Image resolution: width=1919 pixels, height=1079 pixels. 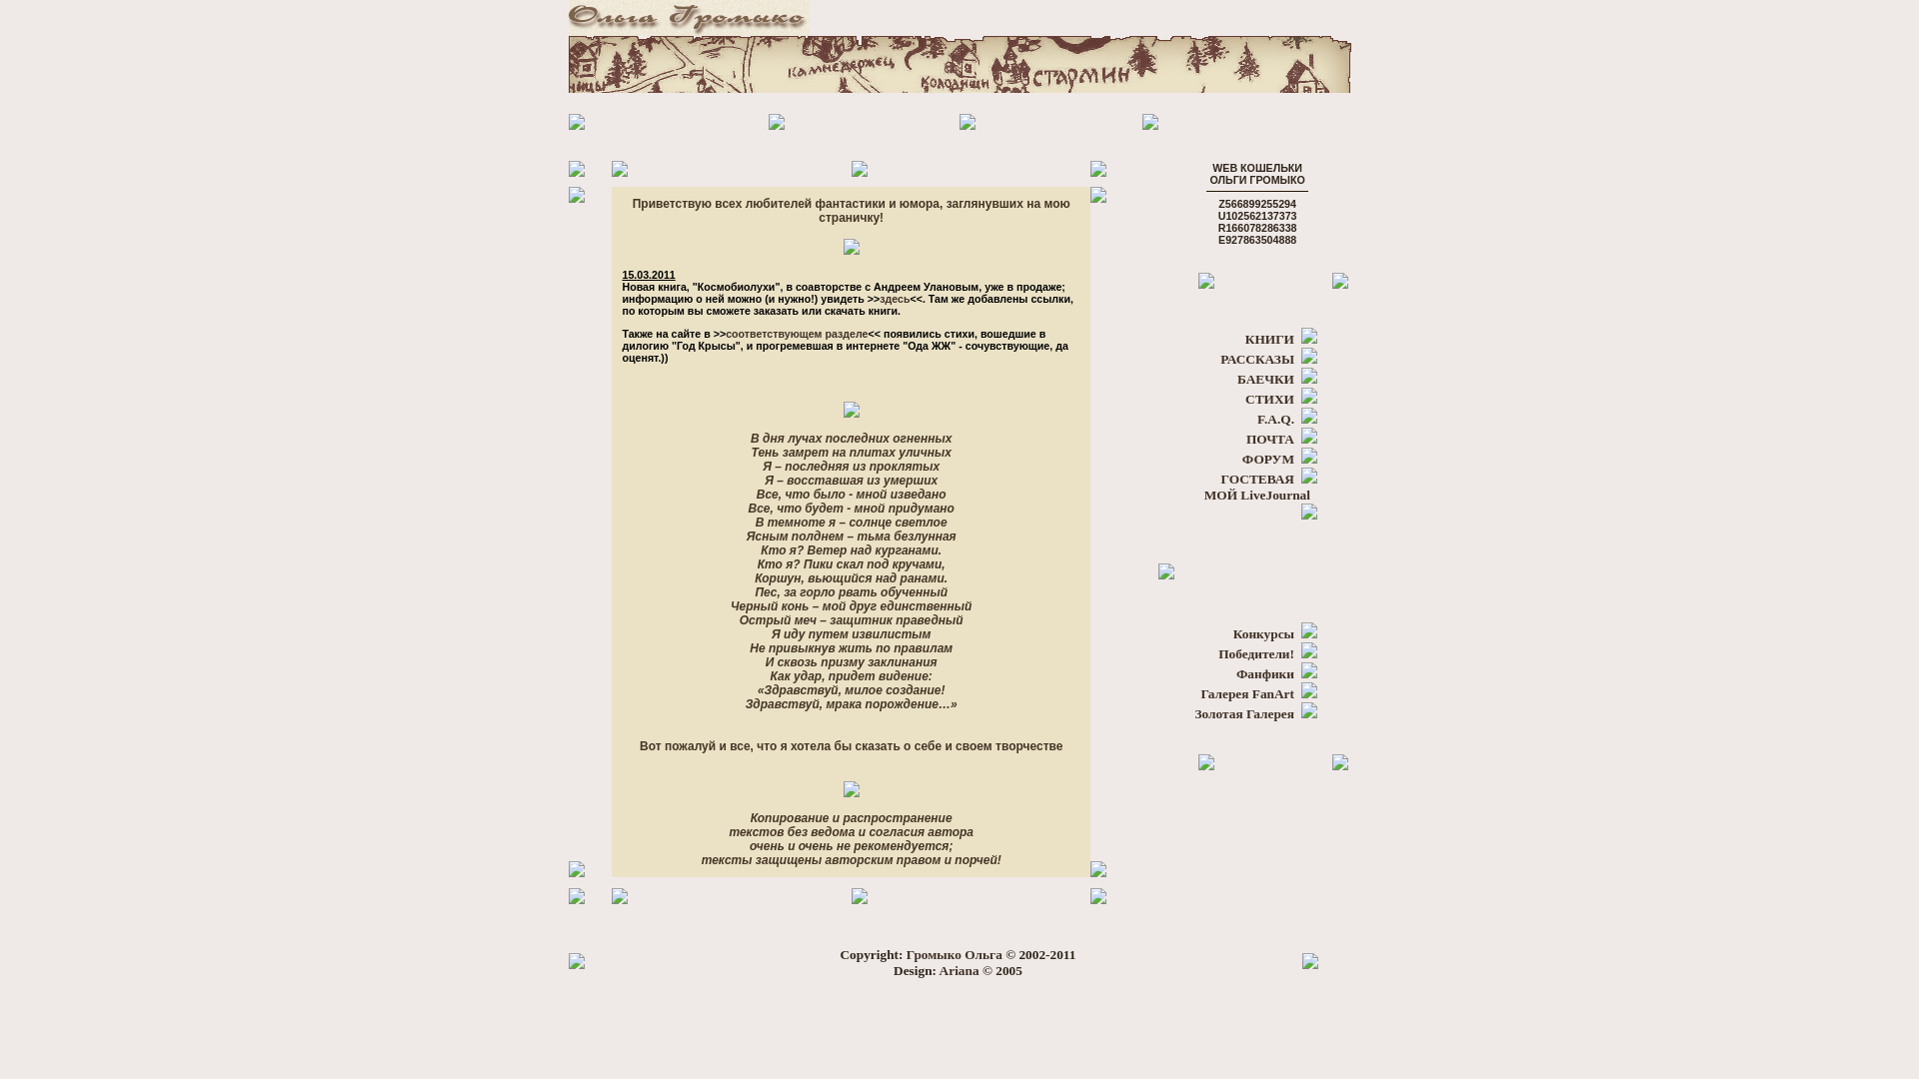 I want to click on 'F.A.Q.', so click(x=1274, y=418).